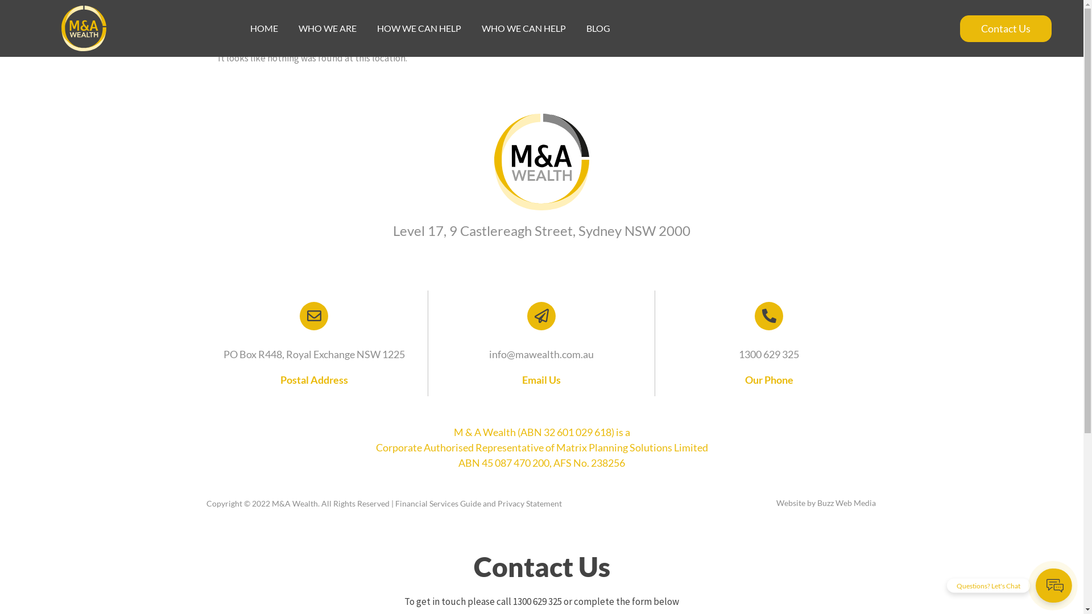 The image size is (1092, 614). I want to click on 'Website by Buzz Web Media', so click(825, 502).